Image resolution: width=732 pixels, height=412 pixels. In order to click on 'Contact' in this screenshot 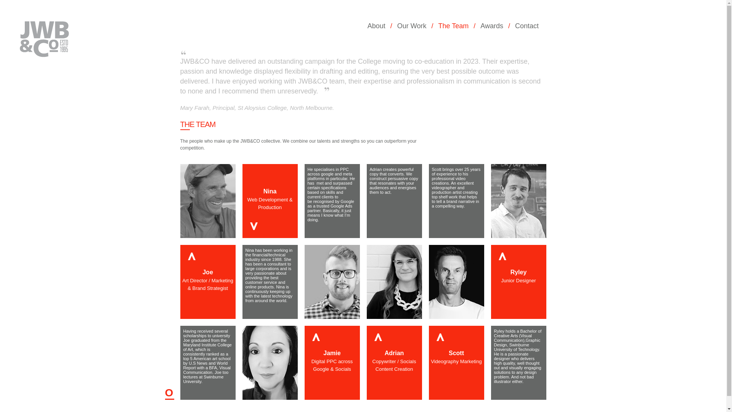, I will do `click(515, 26)`.